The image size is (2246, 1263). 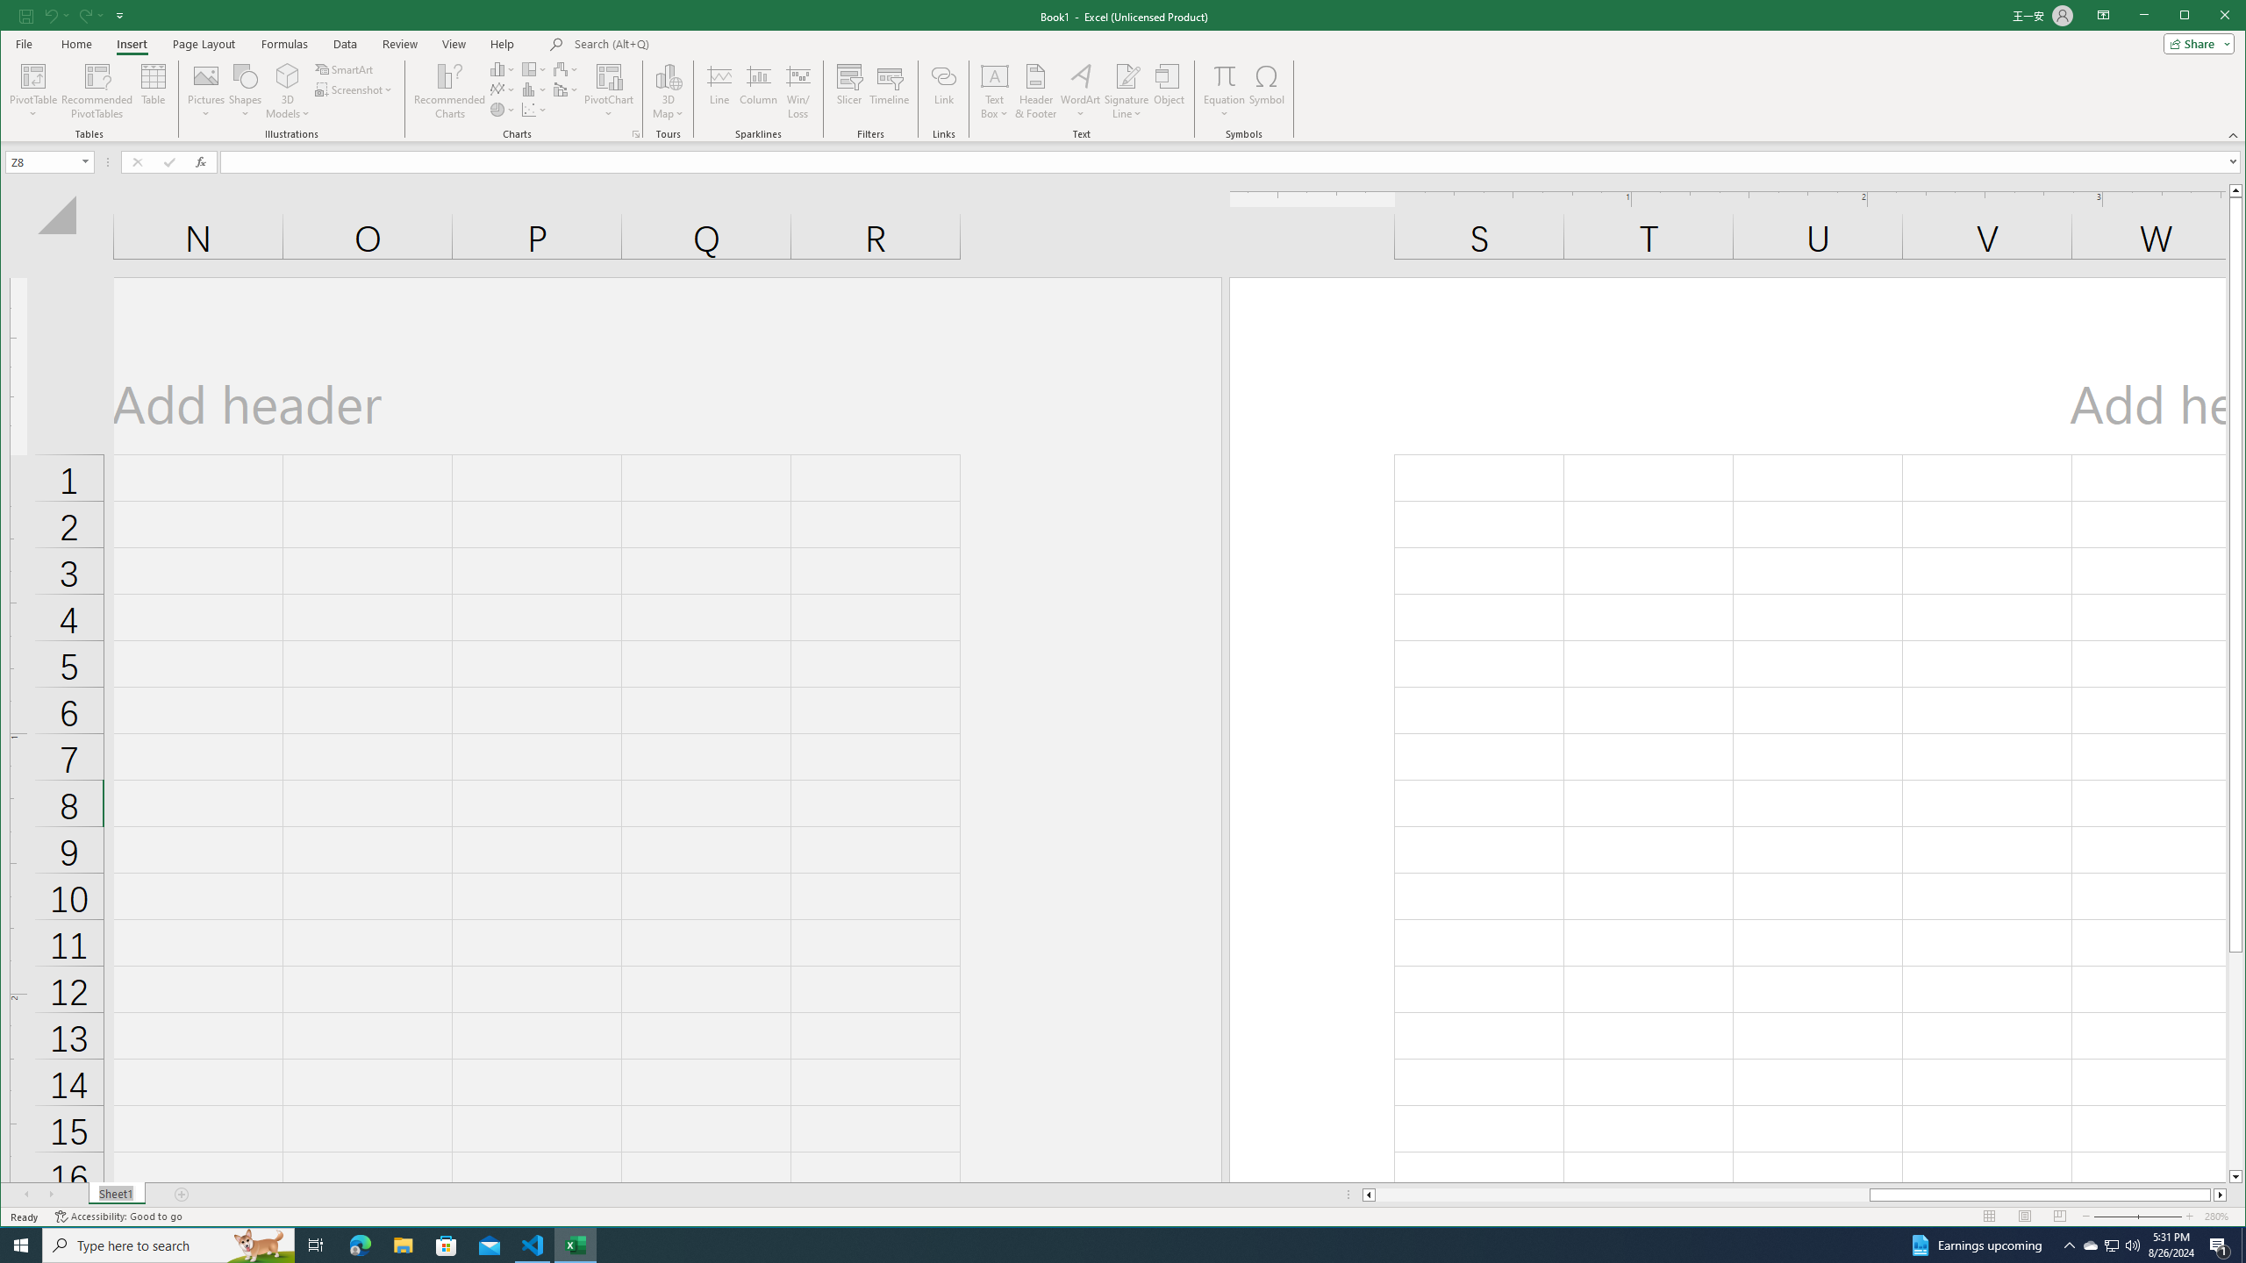 I want to click on 'Action Center, 1 new notification', so click(x=2220, y=1244).